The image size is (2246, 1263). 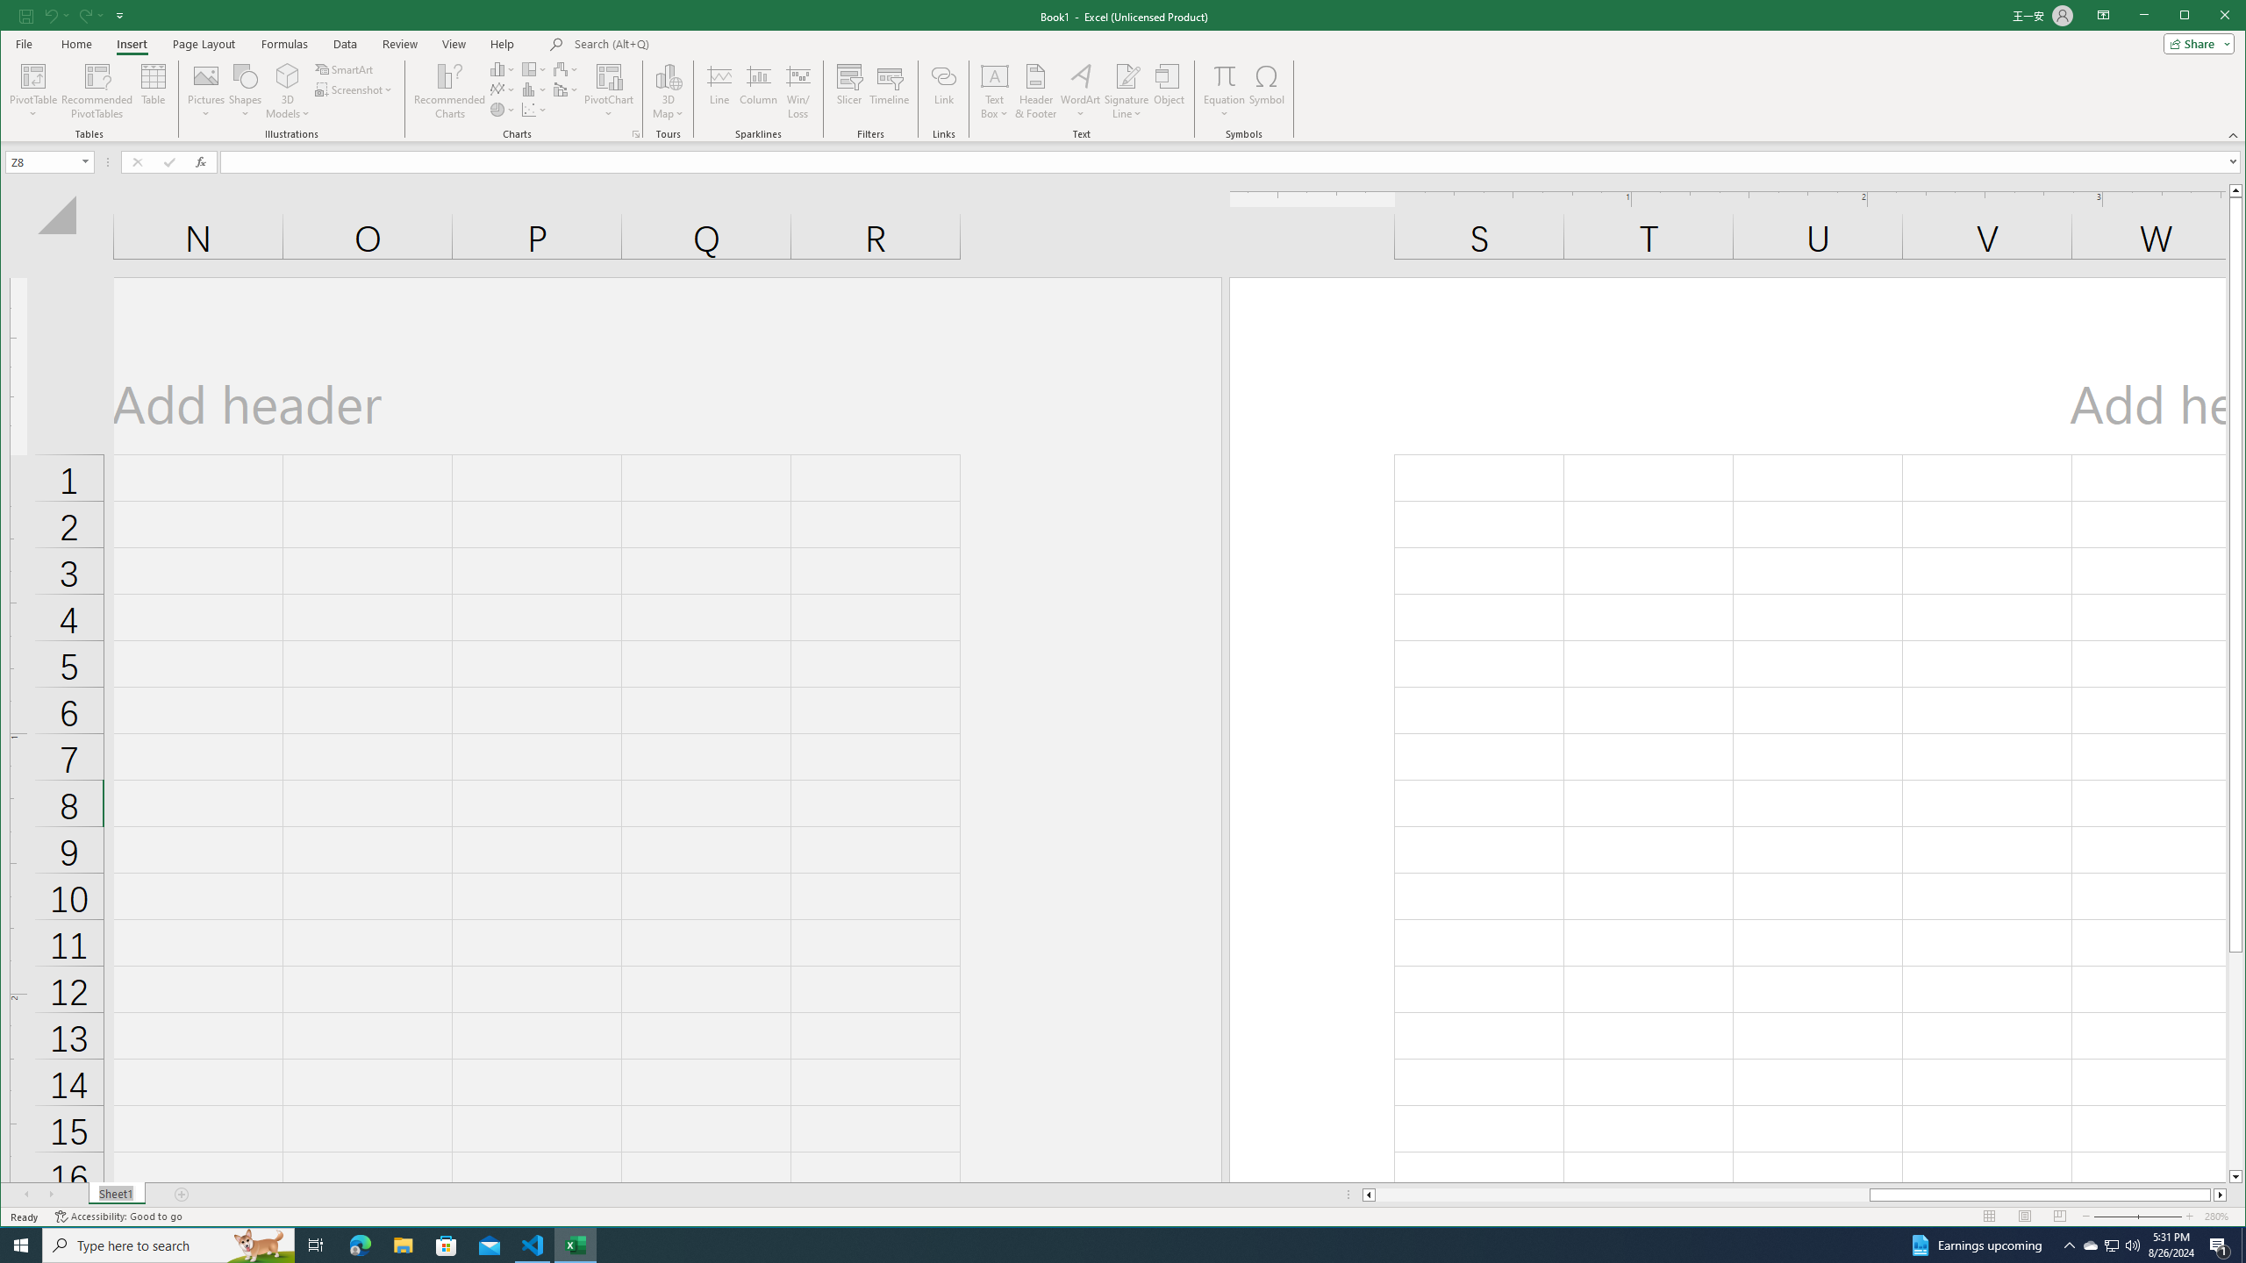 I want to click on 'Action Center, 1 new notification', so click(x=2220, y=1244).